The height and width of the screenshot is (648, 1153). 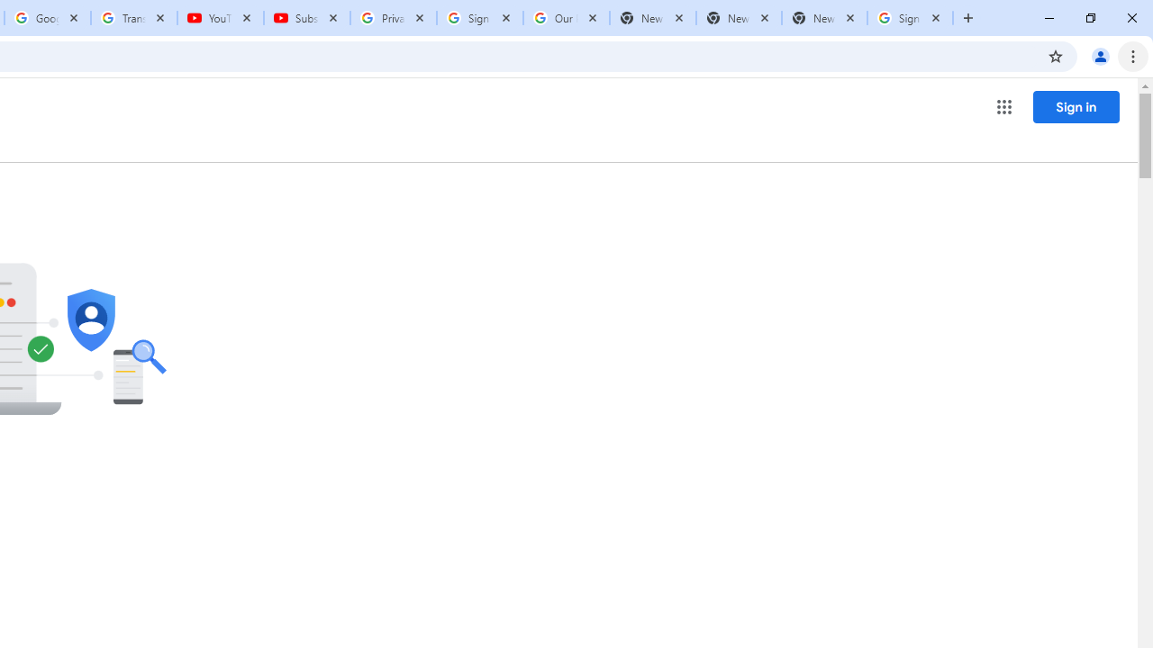 I want to click on 'Restore', so click(x=1089, y=18).